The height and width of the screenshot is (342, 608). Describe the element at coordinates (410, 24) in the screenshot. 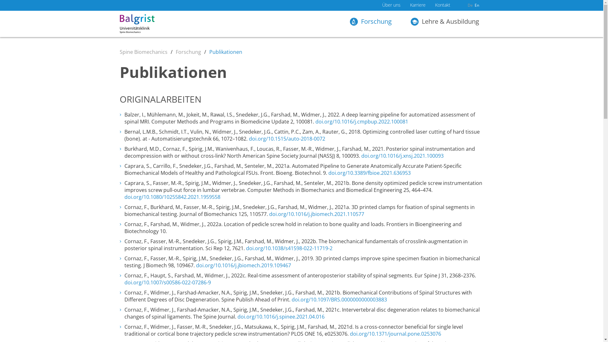

I see `'Lehre & Ausbildung'` at that location.